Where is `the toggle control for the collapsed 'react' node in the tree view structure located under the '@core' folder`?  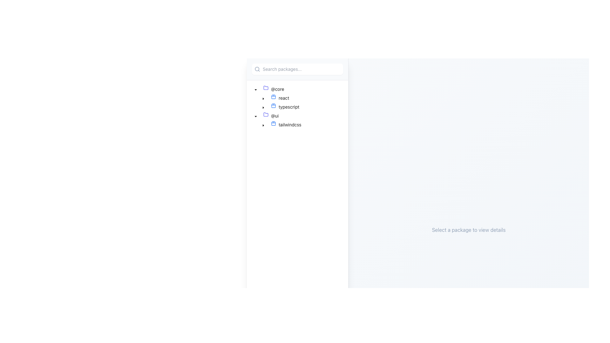 the toggle control for the collapsed 'react' node in the tree view structure located under the '@core' folder is located at coordinates (263, 98).